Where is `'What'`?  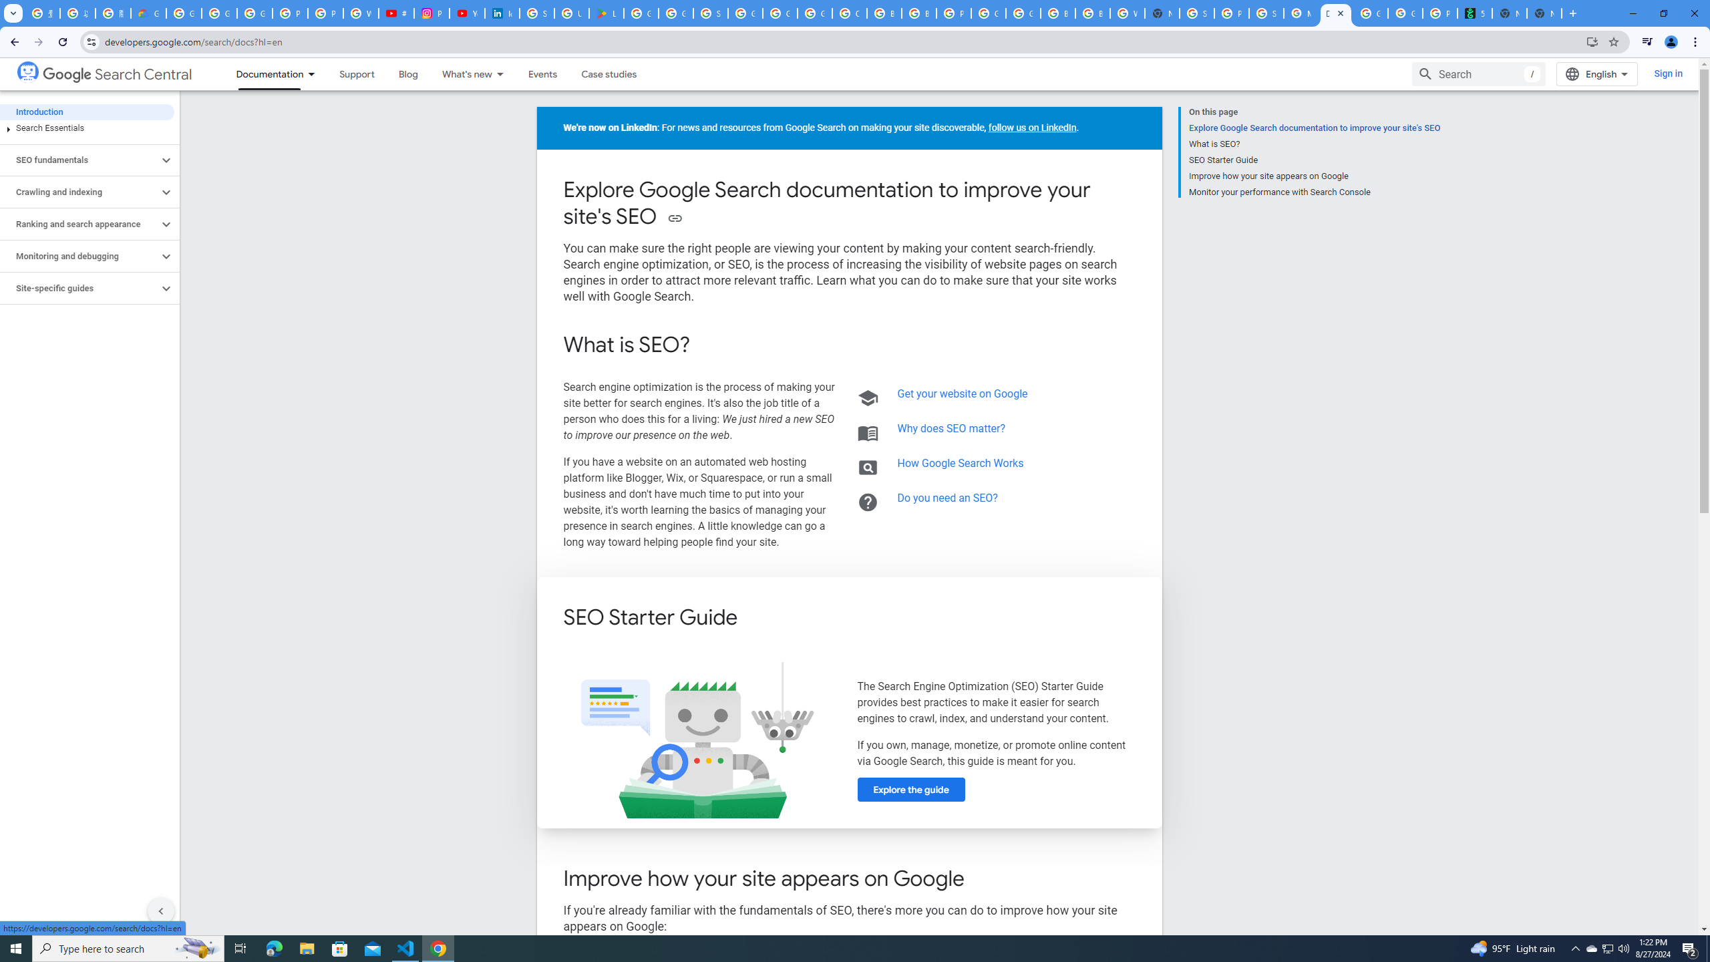
'What' is located at coordinates (460, 73).